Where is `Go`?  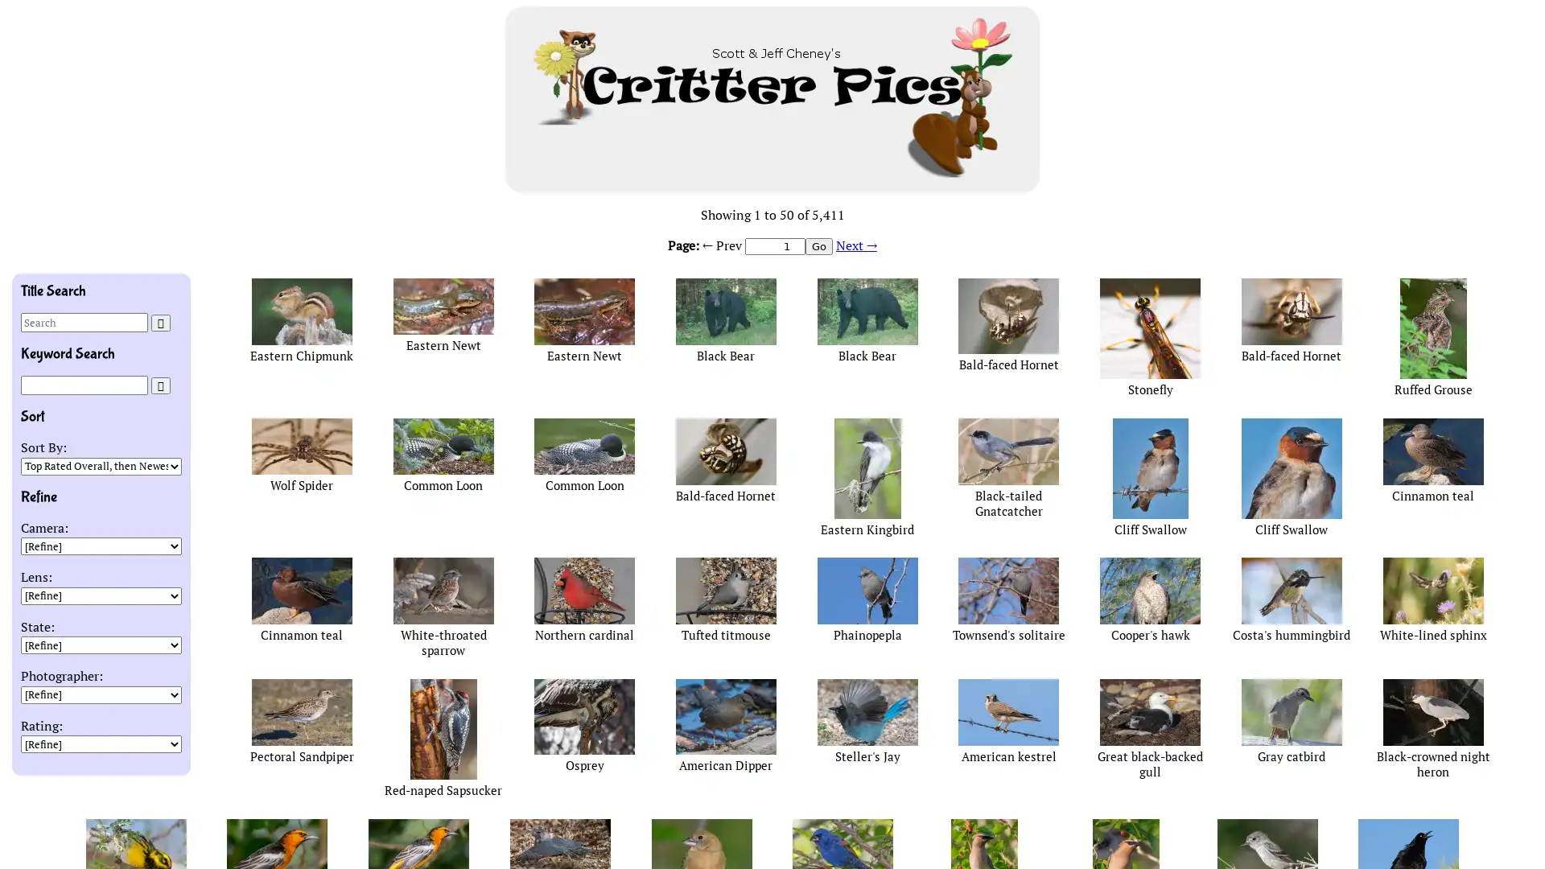
Go is located at coordinates (818, 246).